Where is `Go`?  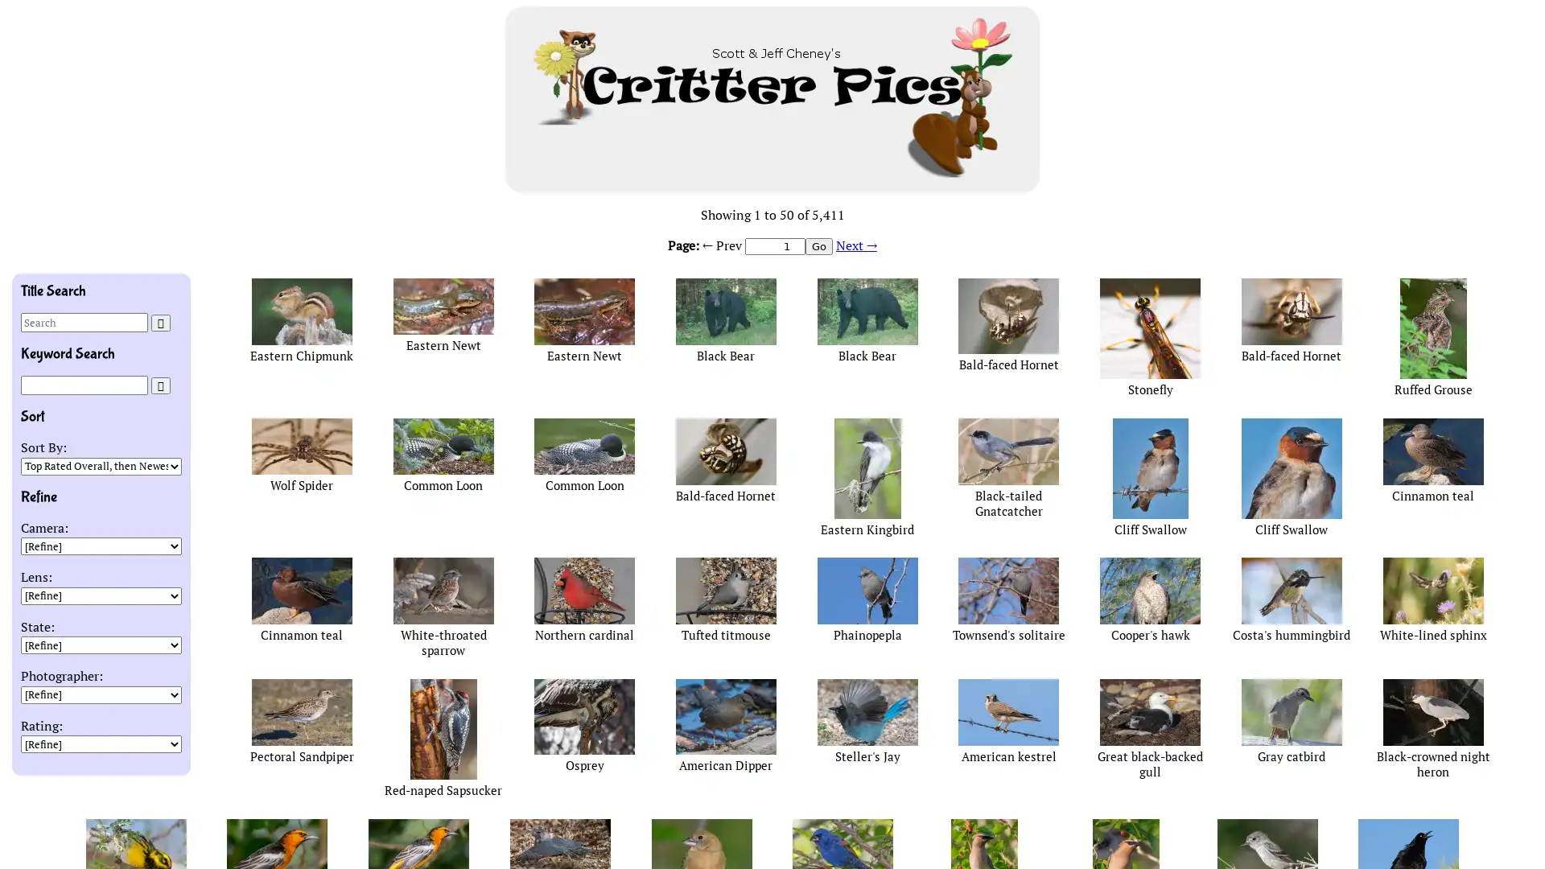
Go is located at coordinates (818, 246).